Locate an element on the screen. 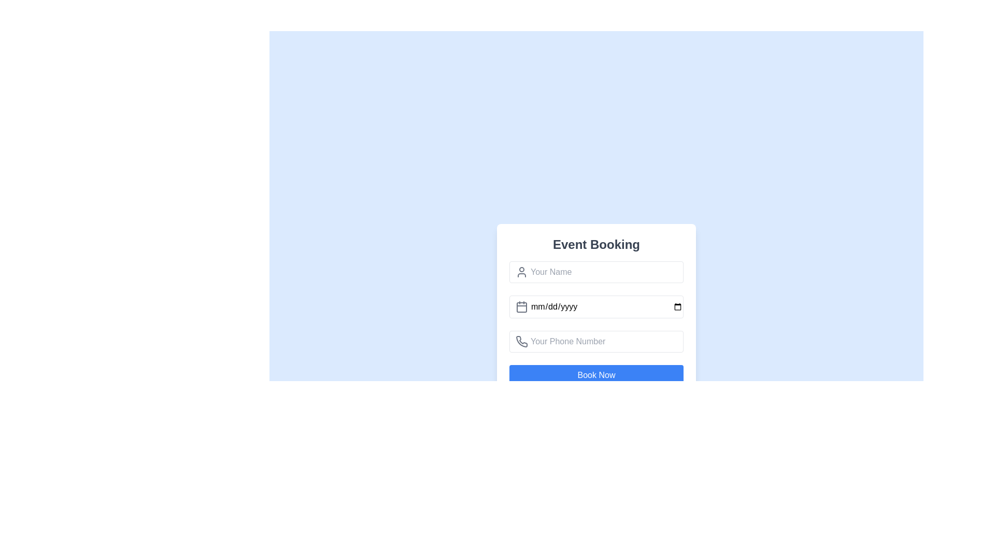 The height and width of the screenshot is (560, 995). the graphical background of the calendar icon located to the left of the 'mm/dd/yyyy' input field in the 'Event Booking' form is located at coordinates (522, 307).